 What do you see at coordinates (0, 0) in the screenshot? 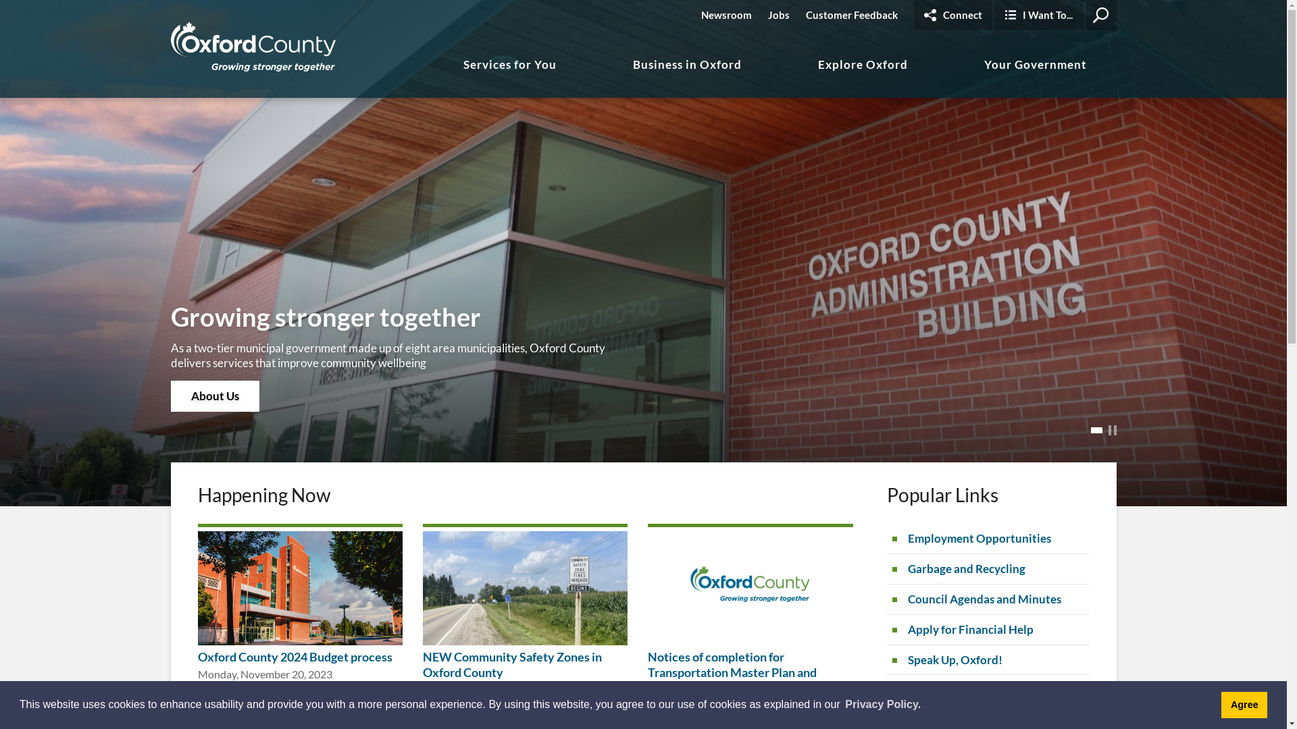
I see `'Skip to Content'` at bounding box center [0, 0].